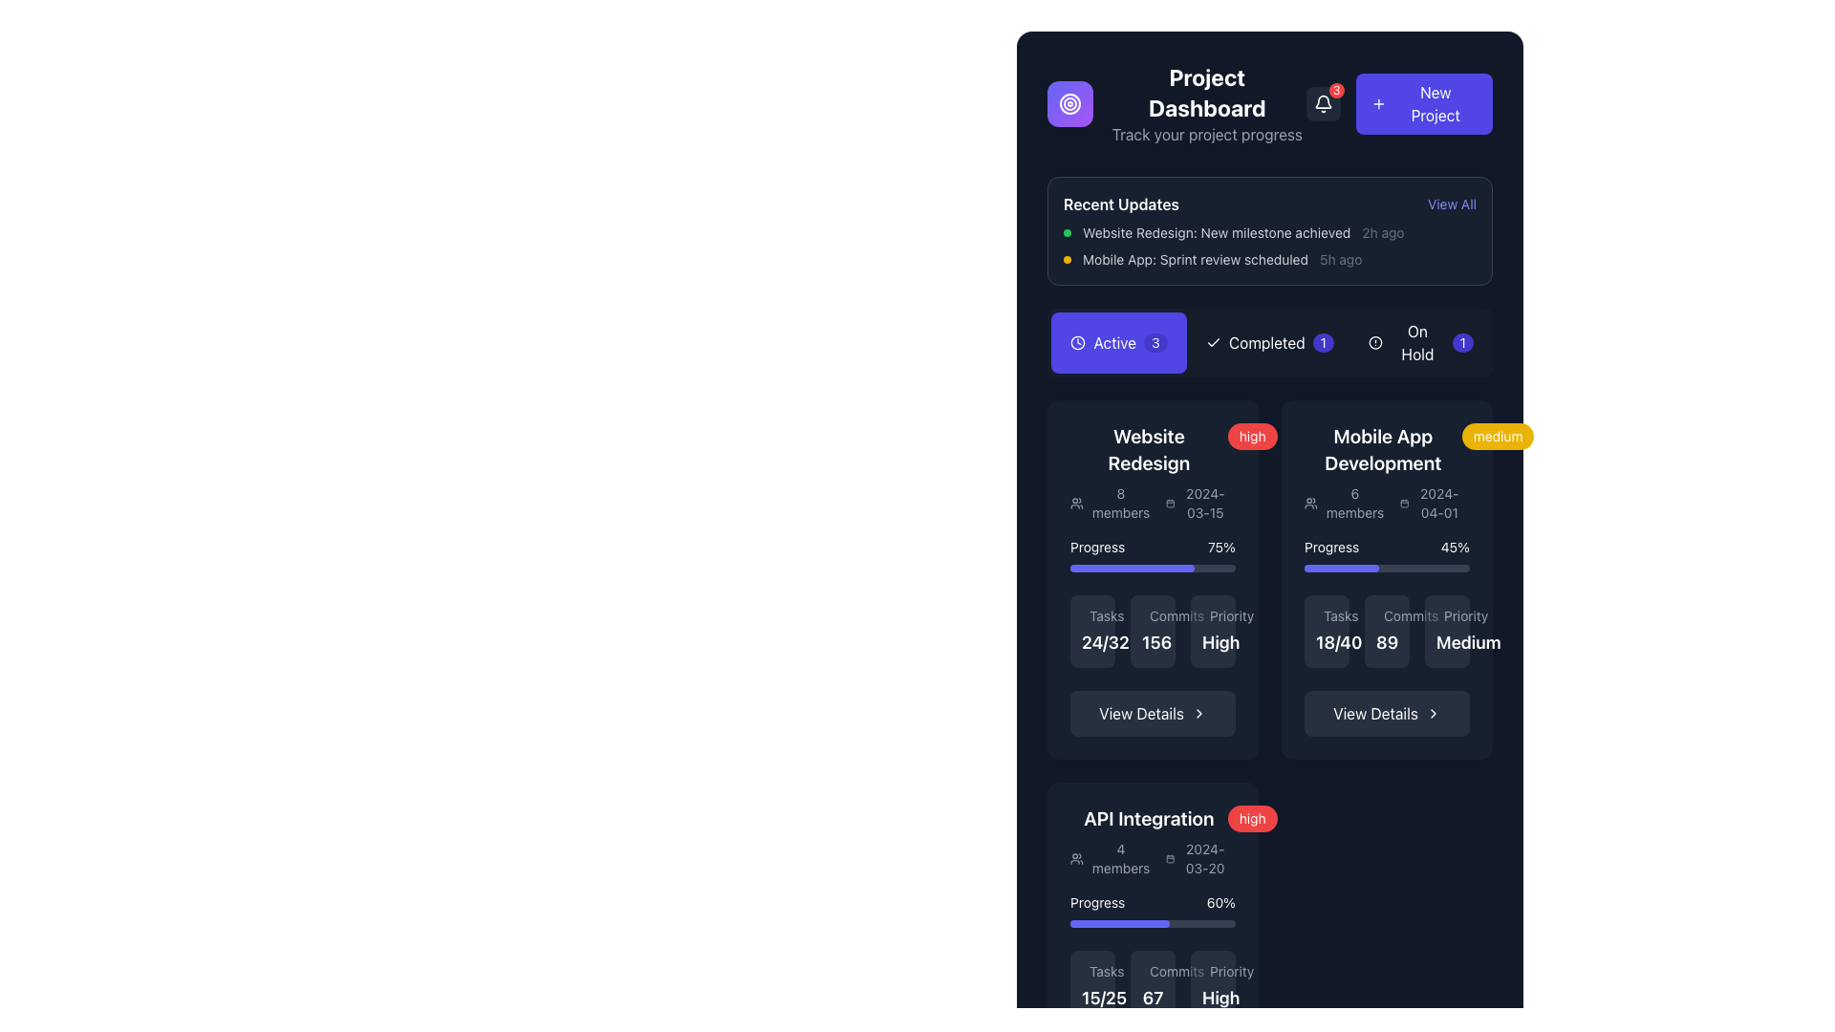 The image size is (1835, 1032). I want to click on the second list item in the 'Recent Updates' section, which displays updates or activities with a status indicator and timestamp, so click(1270, 246).